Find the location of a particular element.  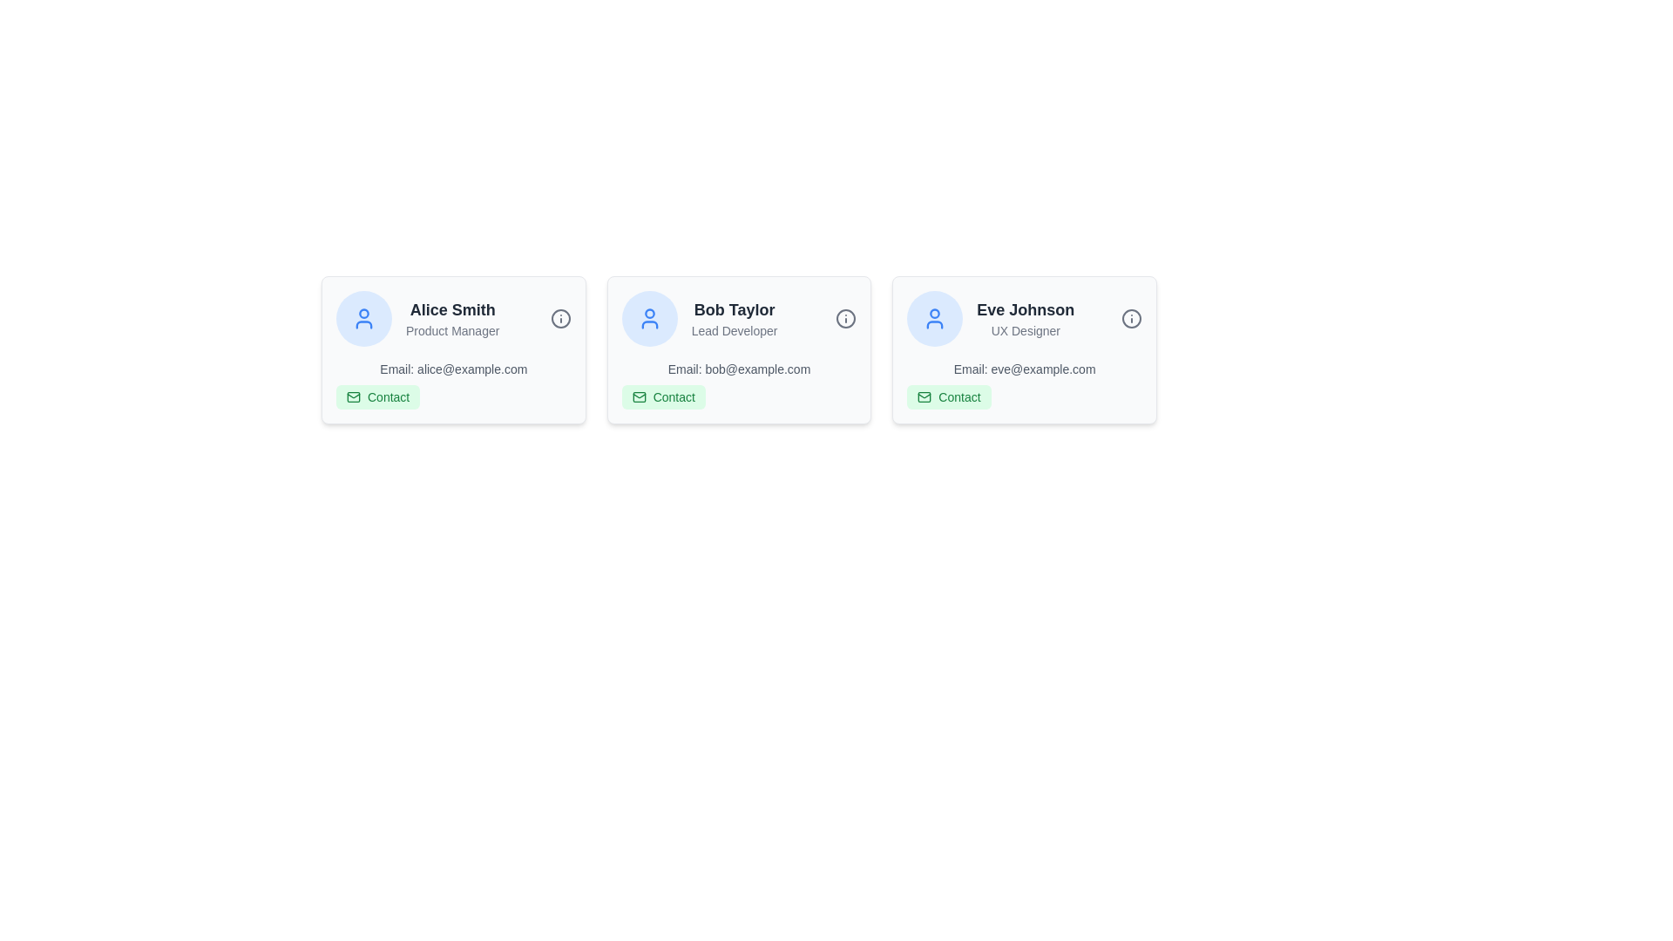

the SVG circle element that represents the user's head in the user icon located in the top left corner of the card layout is located at coordinates (934, 314).